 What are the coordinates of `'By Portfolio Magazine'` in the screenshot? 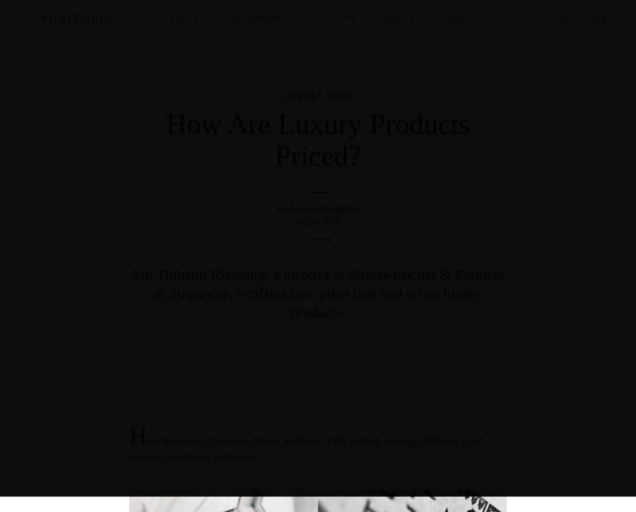 It's located at (317, 209).